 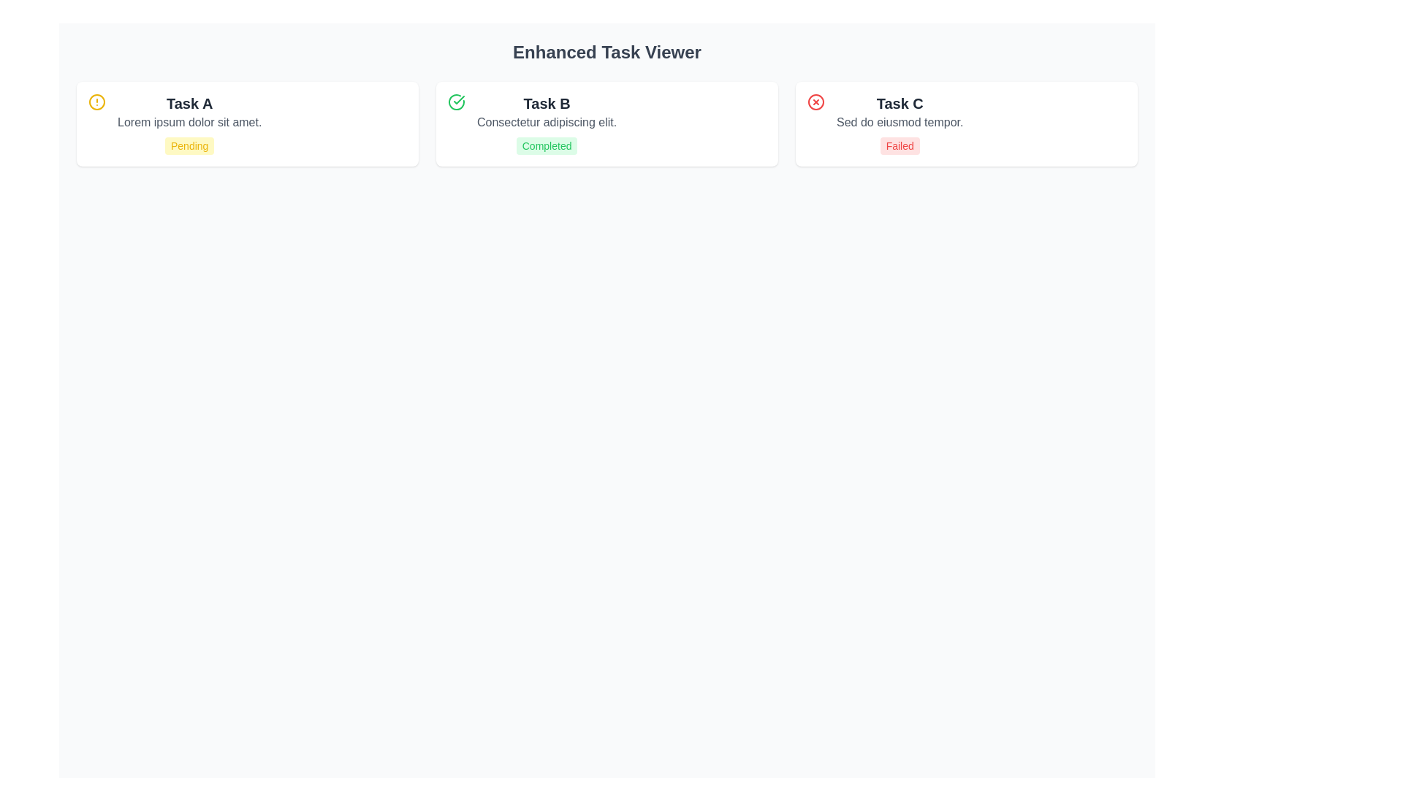 I want to click on the task card displaying 'Task B' with the status 'Completed', which is the second card in a row of three within the task viewer, so click(x=546, y=123).